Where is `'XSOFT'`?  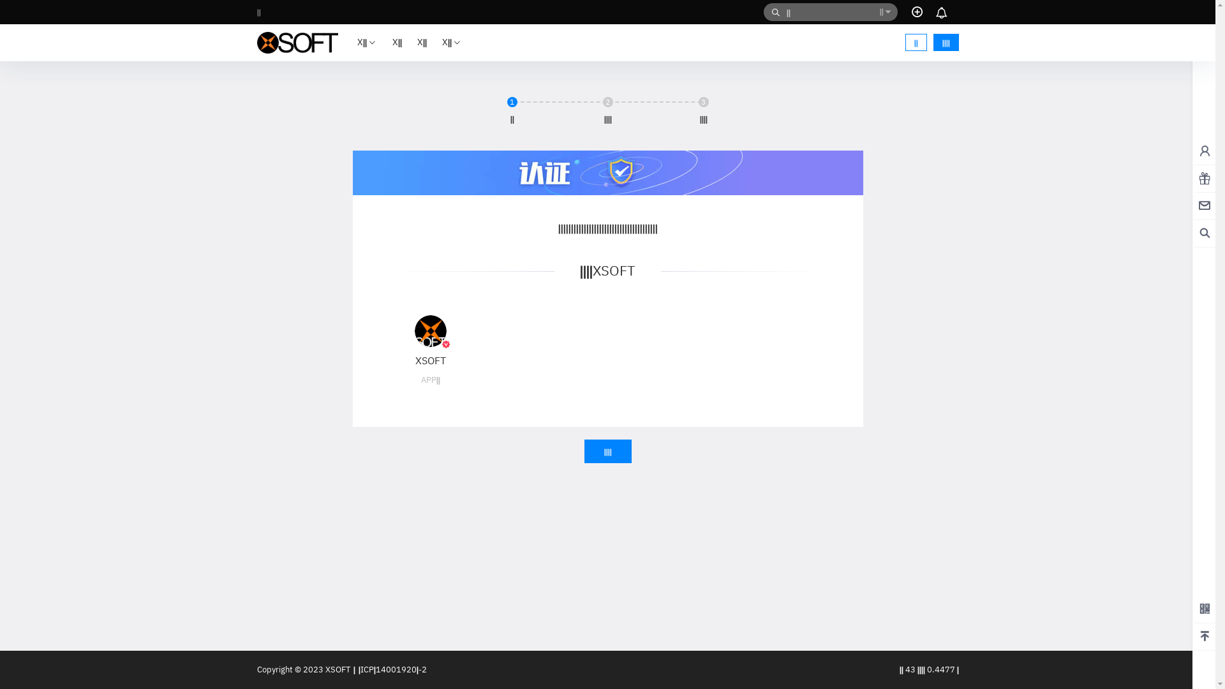 'XSOFT' is located at coordinates (431, 360).